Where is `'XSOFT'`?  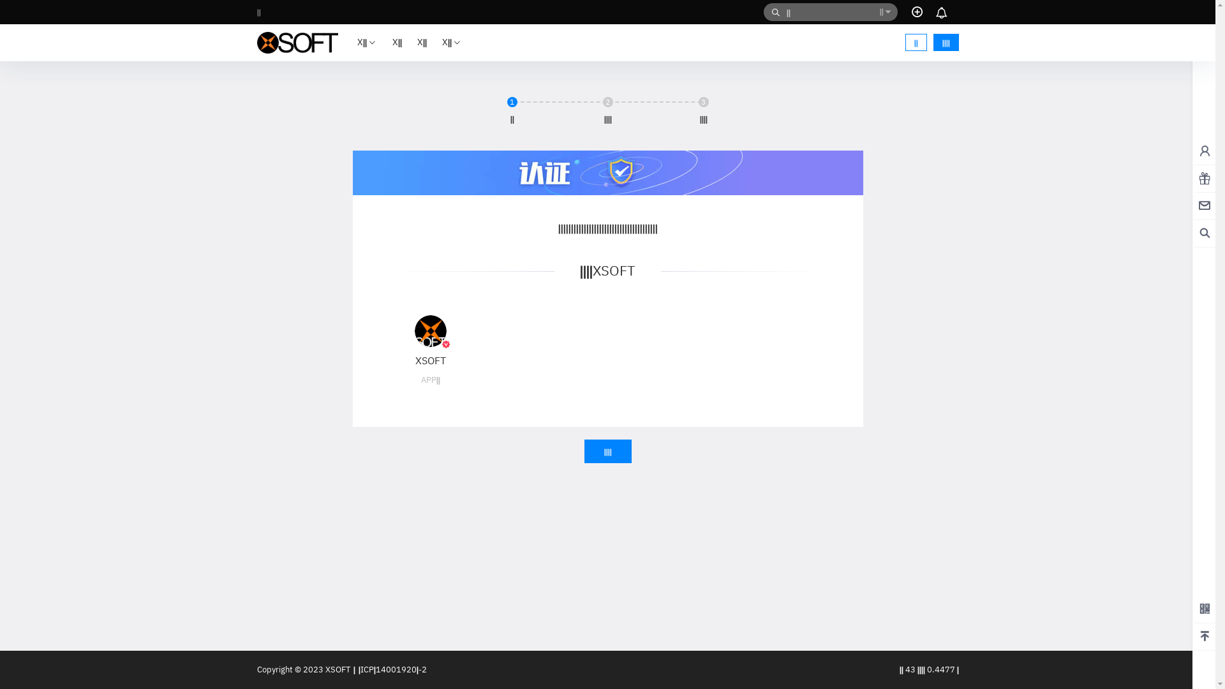 'XSOFT' is located at coordinates (431, 360).